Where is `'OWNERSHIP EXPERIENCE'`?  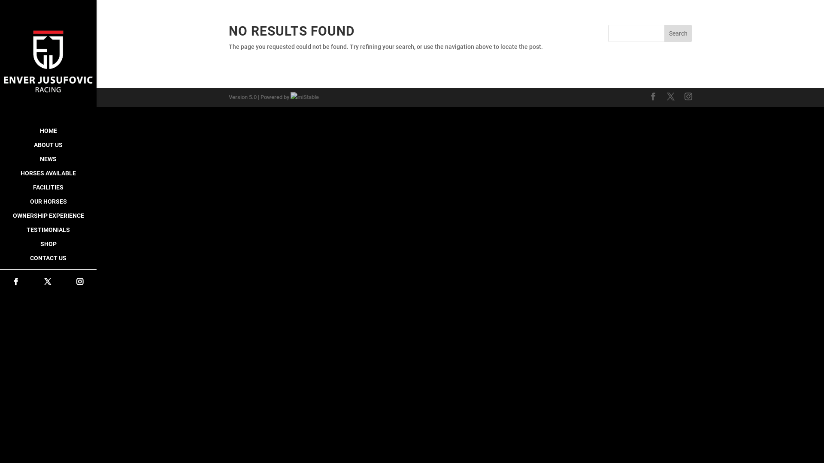
'OWNERSHIP EXPERIENCE' is located at coordinates (0, 219).